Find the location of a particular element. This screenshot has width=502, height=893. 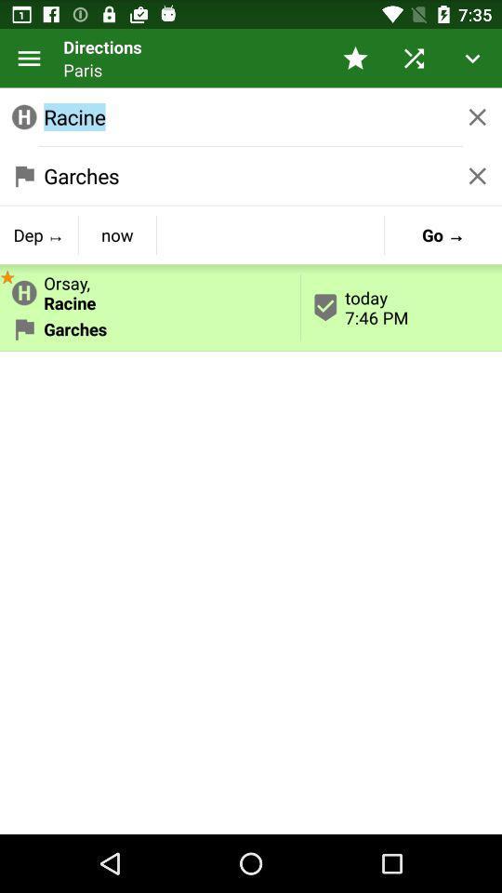

the today 7 46 item is located at coordinates (401, 307).